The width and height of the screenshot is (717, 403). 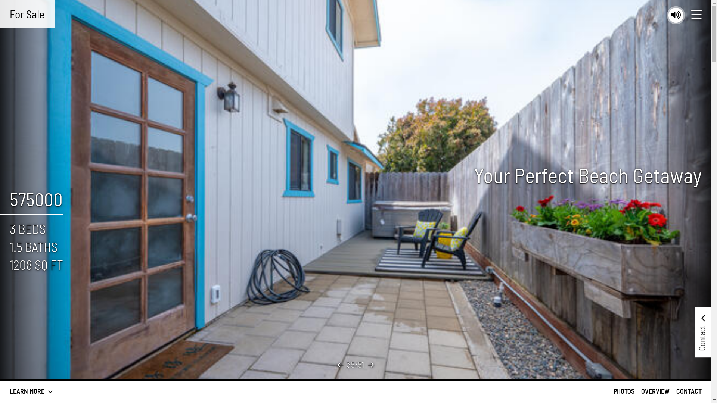 I want to click on 'OVERVIEW', so click(x=655, y=391).